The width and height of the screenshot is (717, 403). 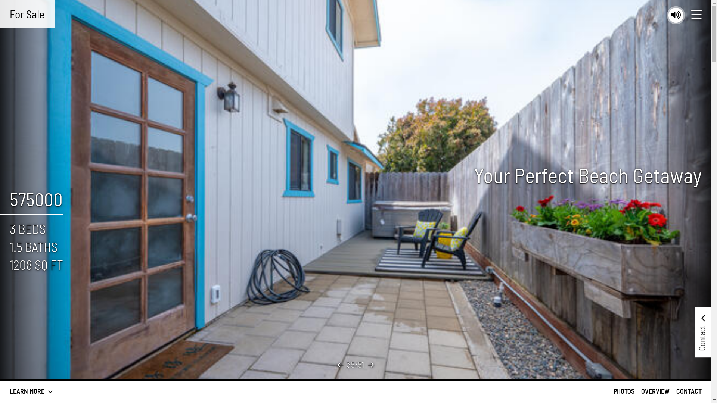 I want to click on 'OVERVIEW', so click(x=655, y=391).